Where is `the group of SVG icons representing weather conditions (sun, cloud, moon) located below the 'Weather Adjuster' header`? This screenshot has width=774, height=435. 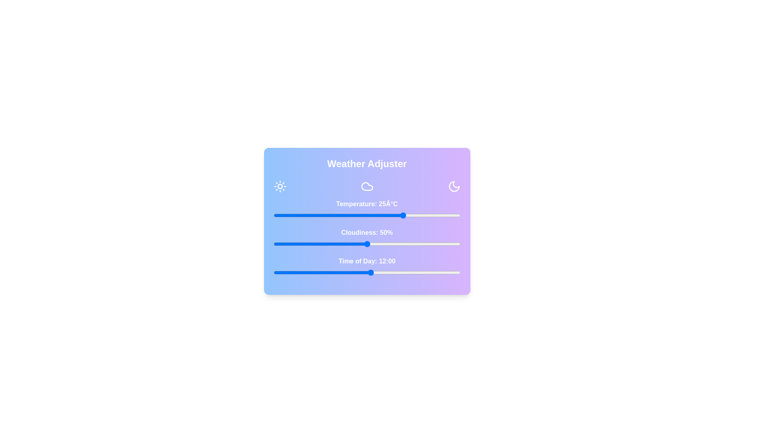
the group of SVG icons representing weather conditions (sun, cloud, moon) located below the 'Weather Adjuster' header is located at coordinates (366, 186).